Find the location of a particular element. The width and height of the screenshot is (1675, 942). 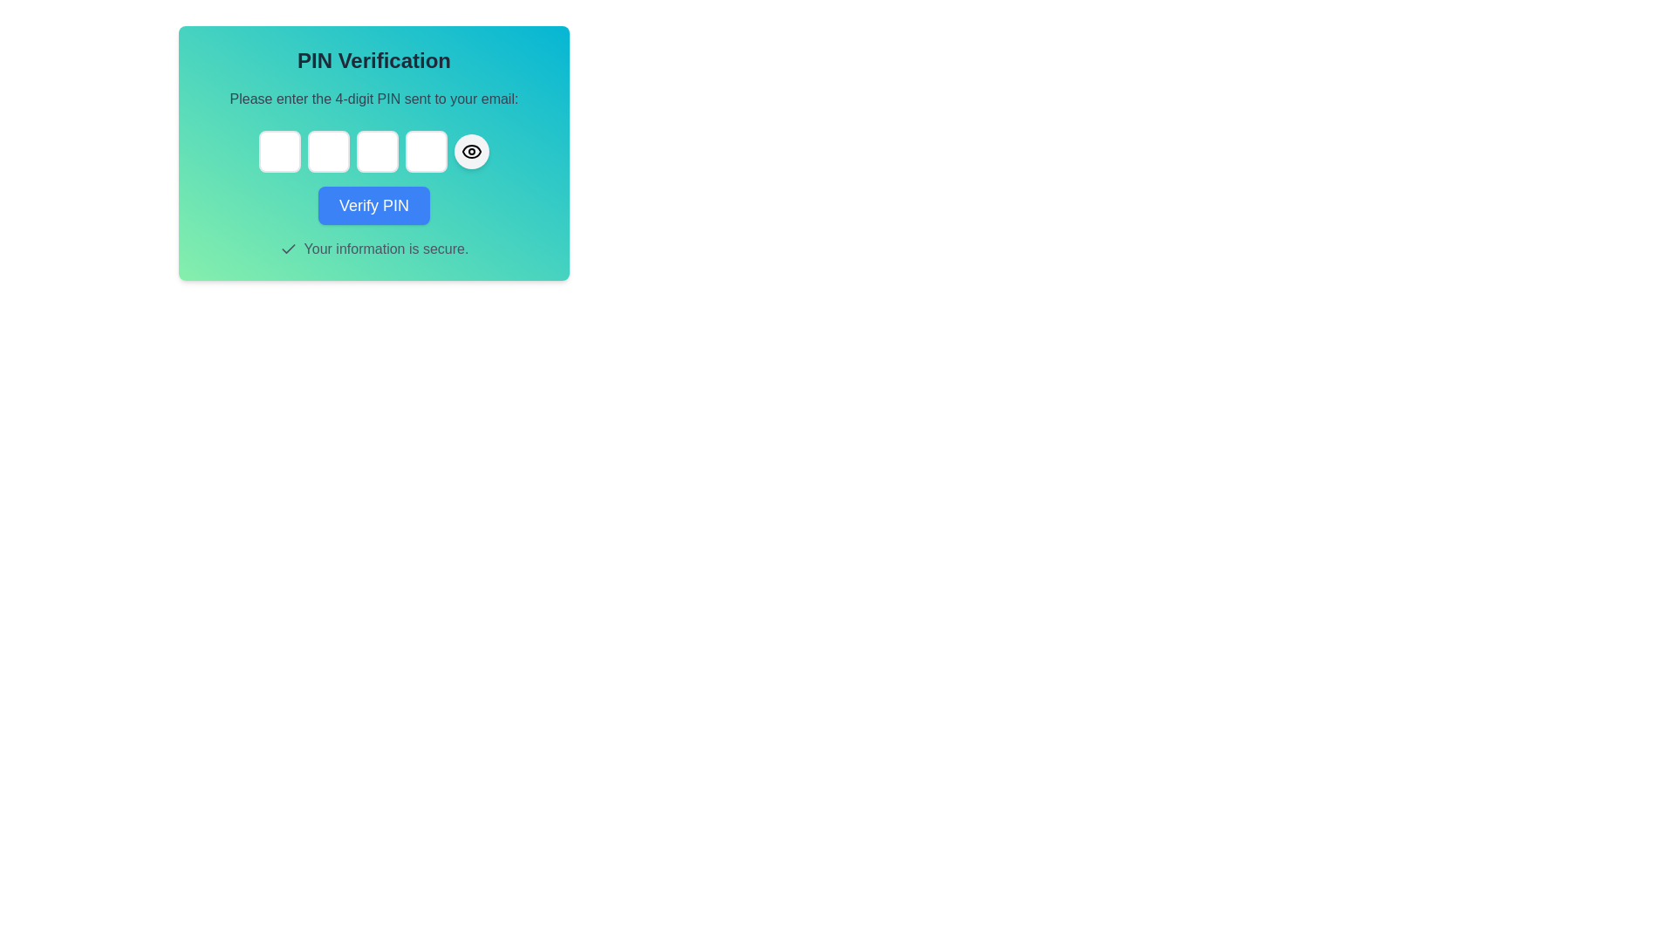

the static text label that instructs users to enter the 4-digit PIN sent to their email, which is displayed in medium gray against a gradient background and is positioned below the 'PIN Verification' title is located at coordinates (373, 99).